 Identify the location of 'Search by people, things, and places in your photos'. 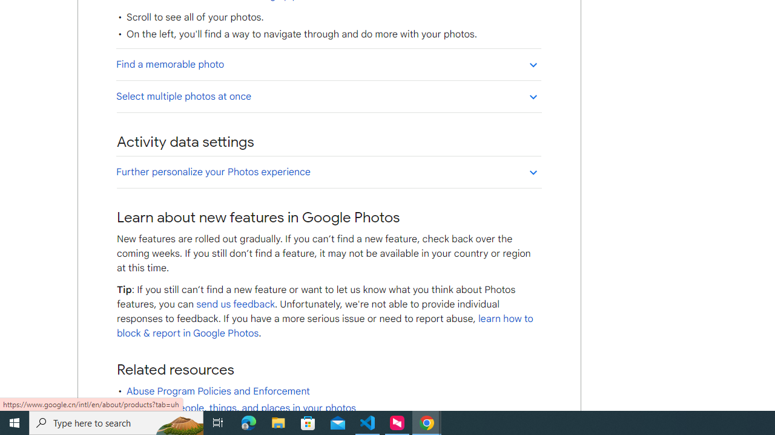
(241, 408).